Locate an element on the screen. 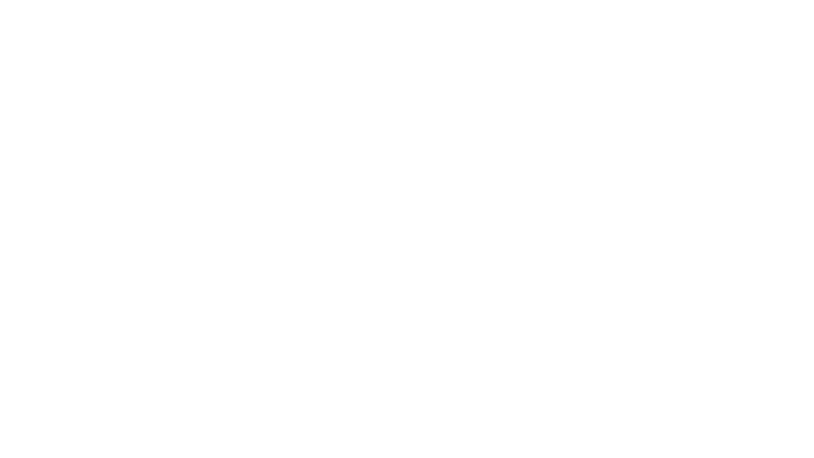 This screenshot has height=458, width=814. Cart icon is located at coordinates (661, 18).